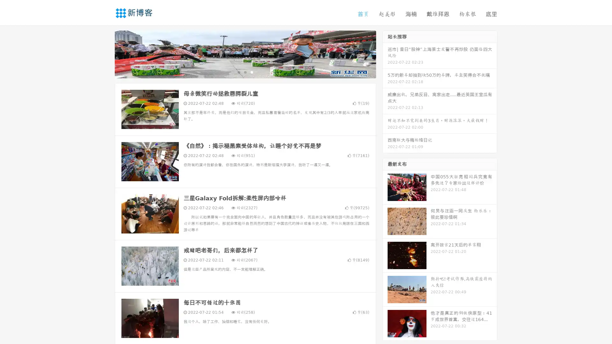  I want to click on Next slide, so click(385, 54).